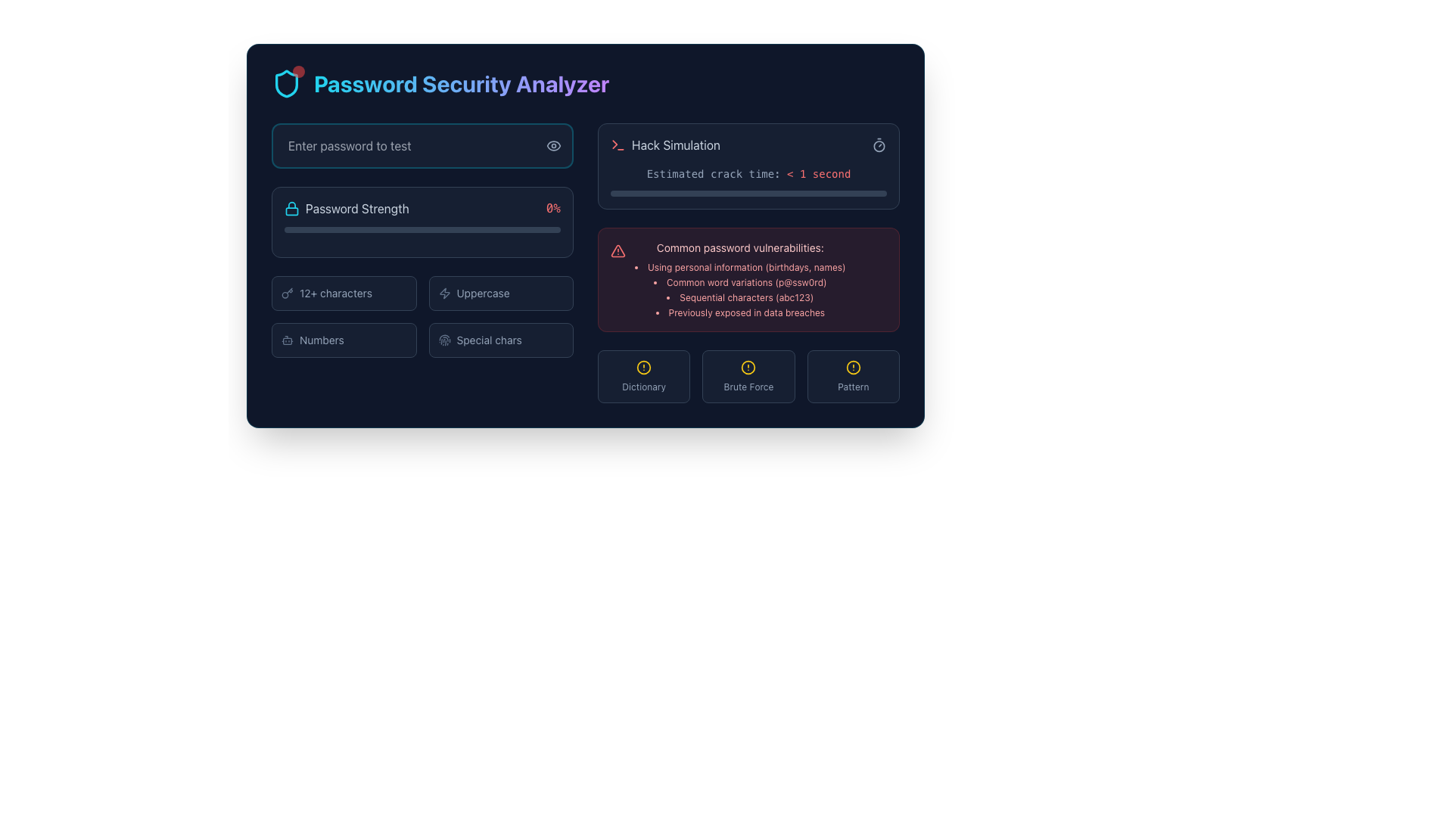 This screenshot has width=1453, height=817. What do you see at coordinates (461, 84) in the screenshot?
I see `the text label that serves as a title for the password security analysis section, located in the upper-left quadrant of the interface` at bounding box center [461, 84].